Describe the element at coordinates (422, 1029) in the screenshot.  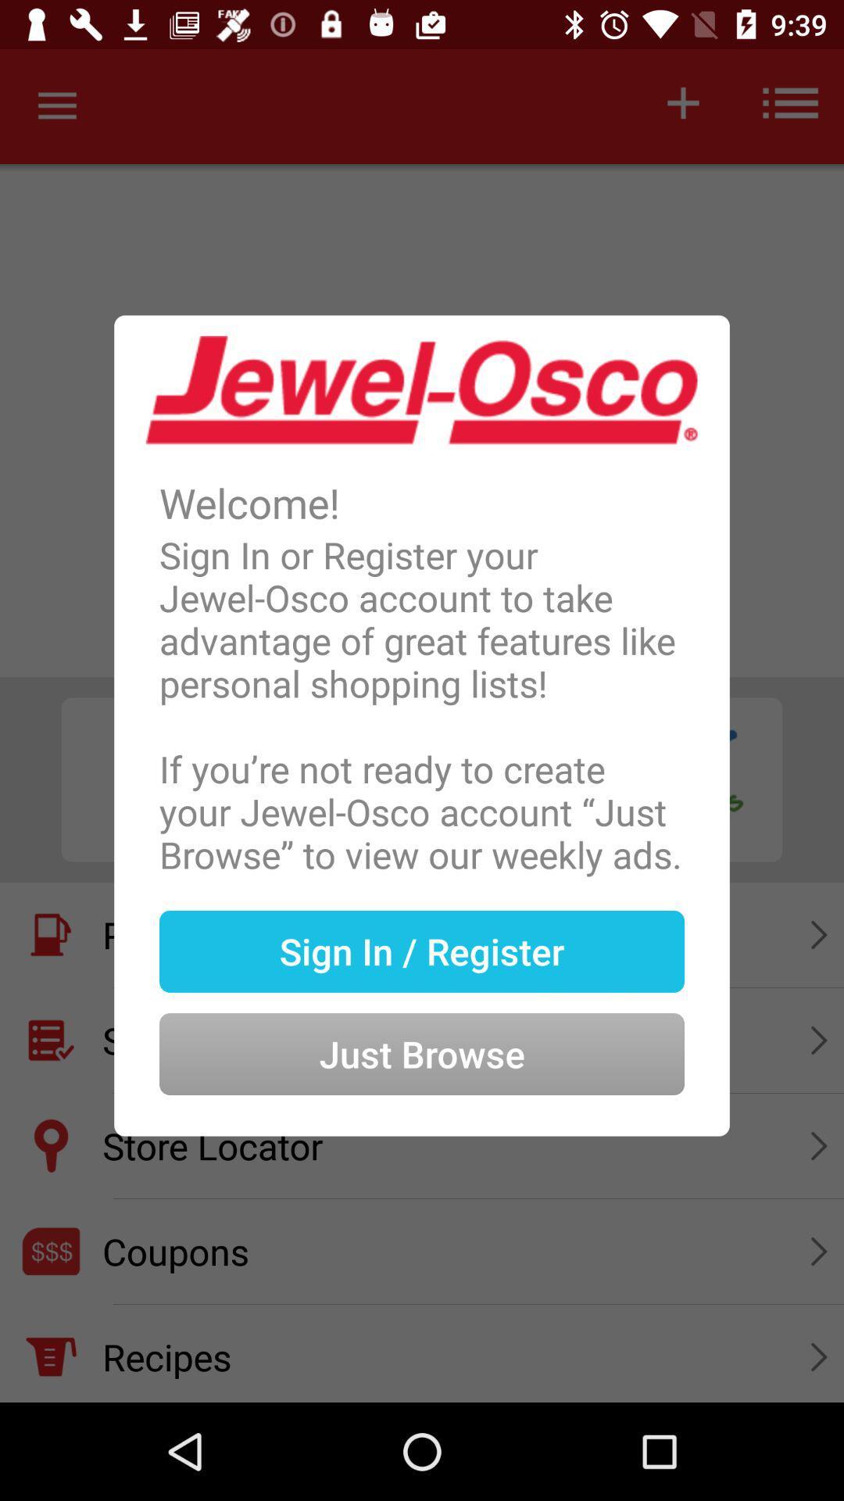
I see `just browse icon` at that location.